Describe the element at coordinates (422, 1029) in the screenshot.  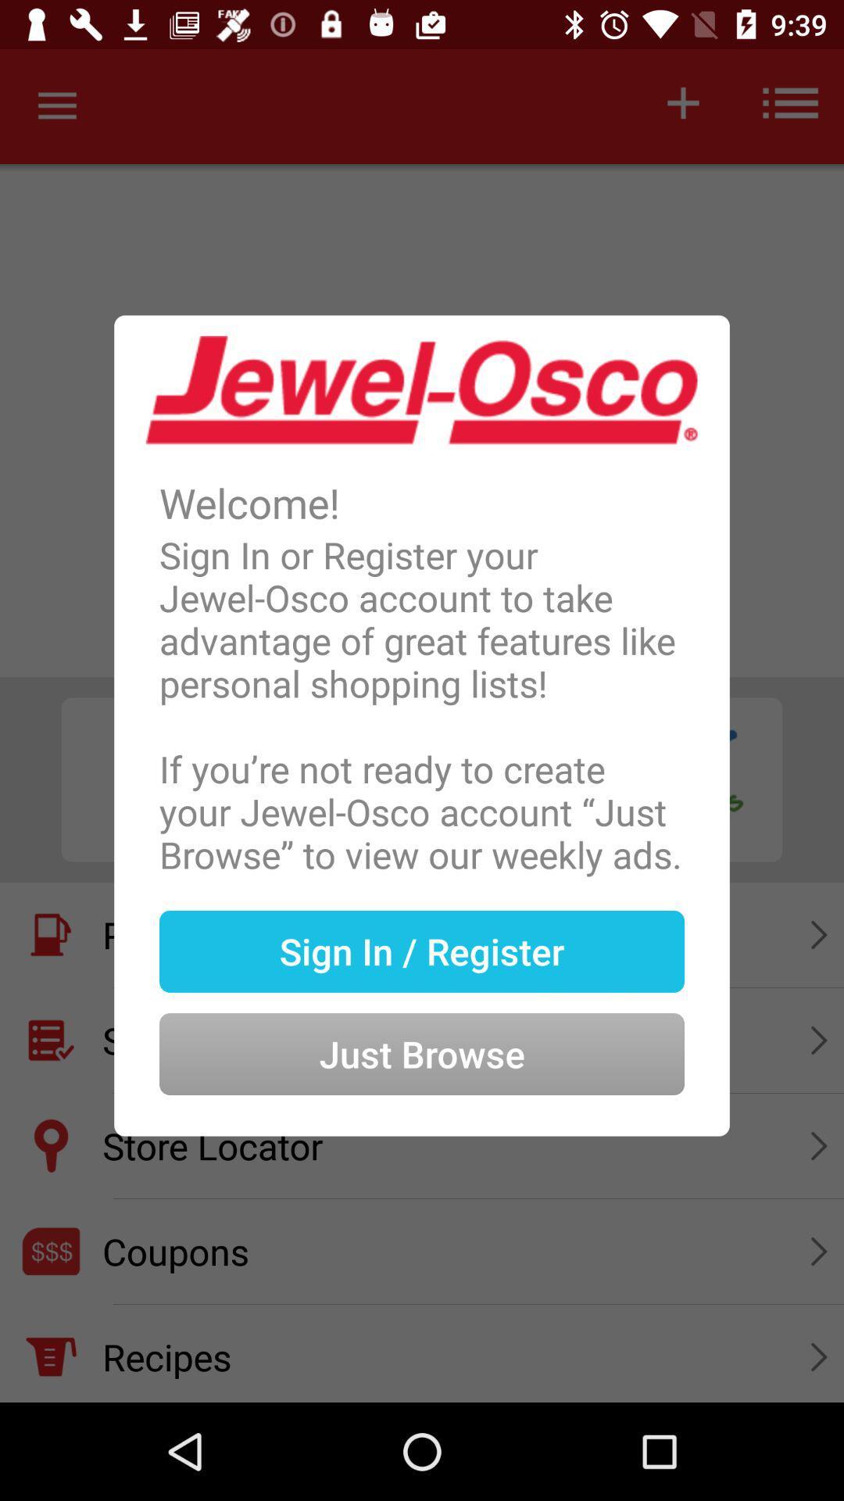
I see `just browse icon` at that location.